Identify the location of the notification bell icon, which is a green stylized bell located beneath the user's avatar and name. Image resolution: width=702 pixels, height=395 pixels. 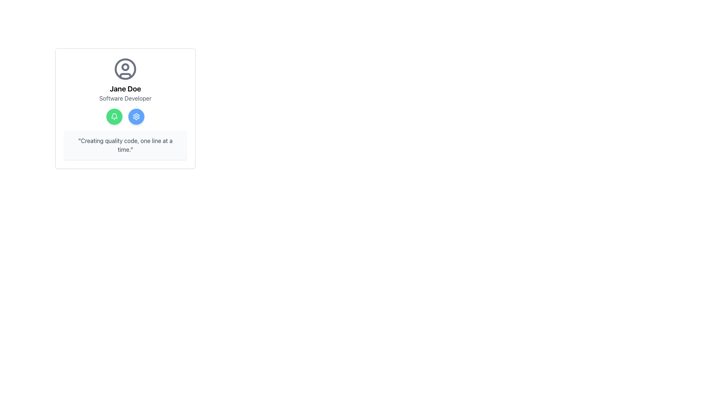
(114, 115).